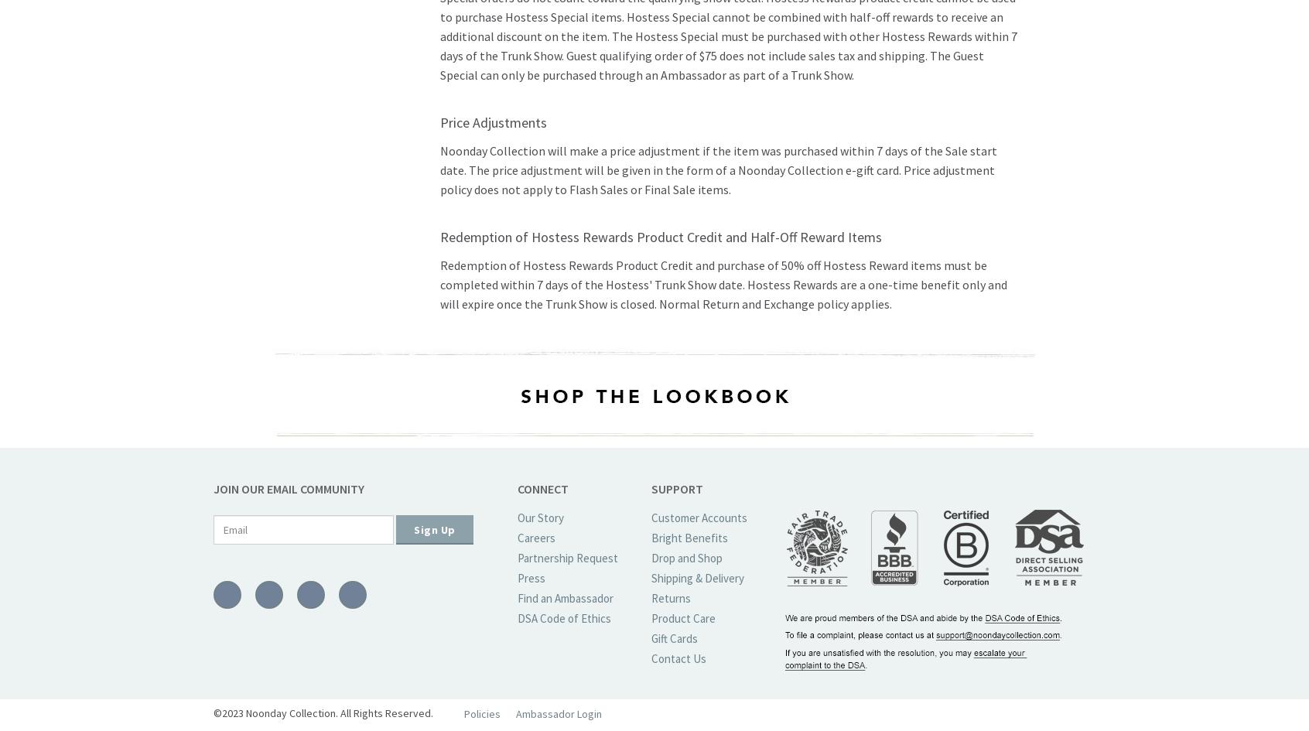  Describe the element at coordinates (518, 488) in the screenshot. I see `'CONNECT'` at that location.